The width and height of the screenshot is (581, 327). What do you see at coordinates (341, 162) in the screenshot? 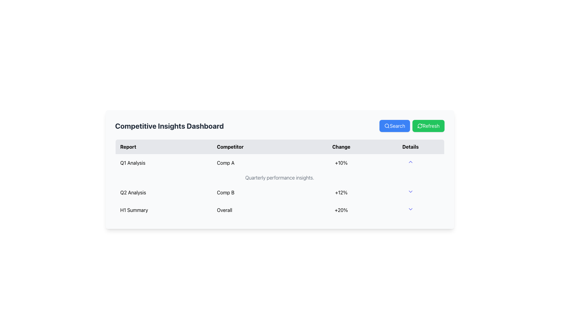
I see `the text label displaying the percentage increase for 'Comp A' in the 'Q1 Analysis' table, located in the second row of the third column` at bounding box center [341, 162].